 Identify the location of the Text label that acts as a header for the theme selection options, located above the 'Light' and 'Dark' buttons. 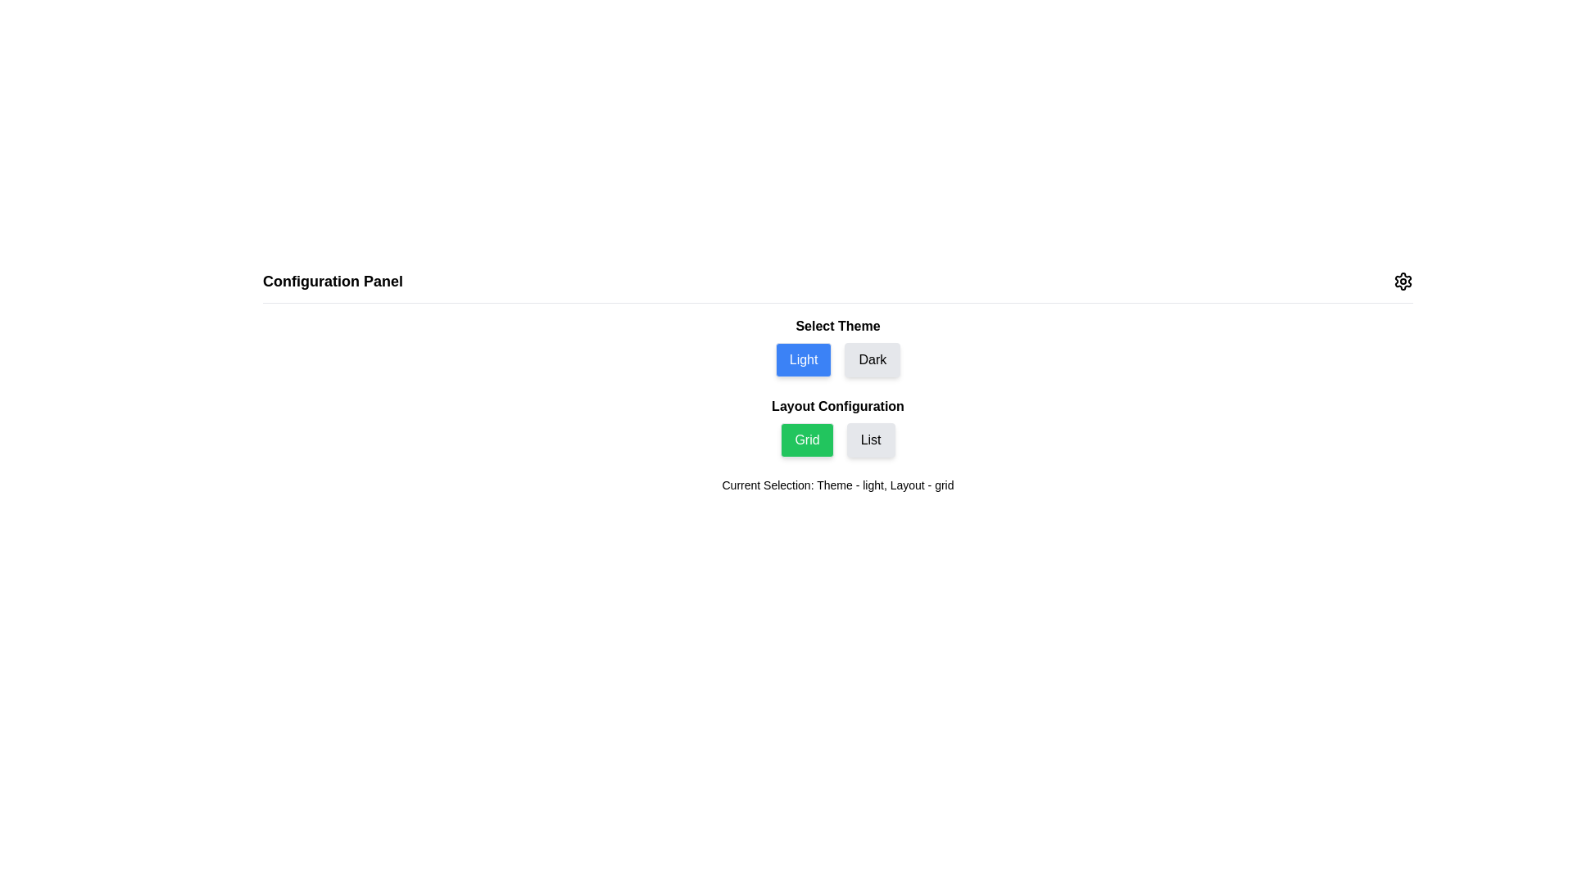
(837, 326).